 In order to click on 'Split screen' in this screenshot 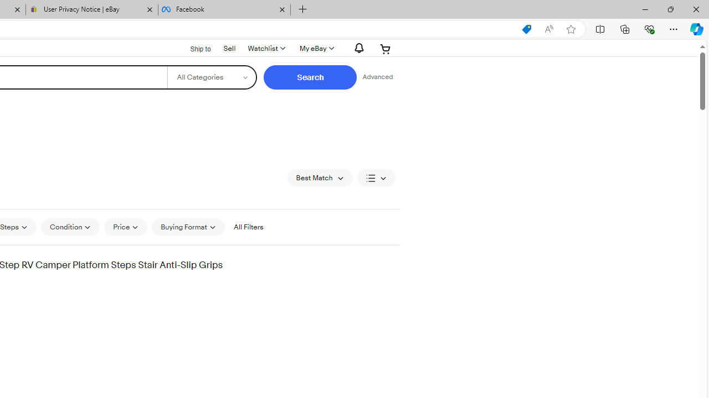, I will do `click(599, 28)`.